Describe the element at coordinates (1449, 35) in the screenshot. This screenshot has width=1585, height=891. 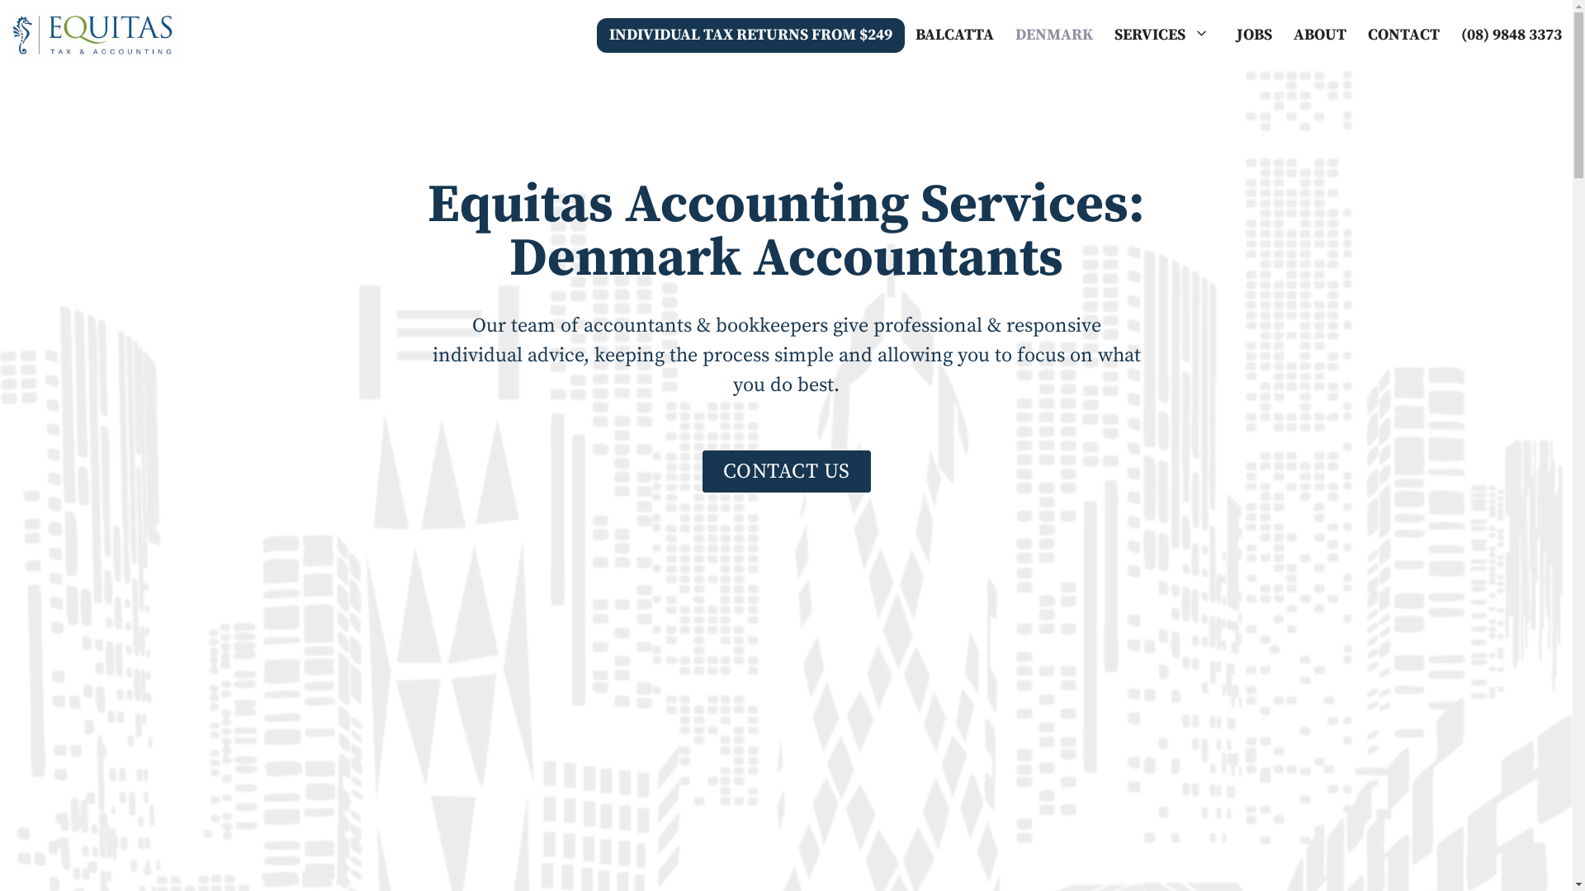
I see `'(08) 9848 3373'` at that location.